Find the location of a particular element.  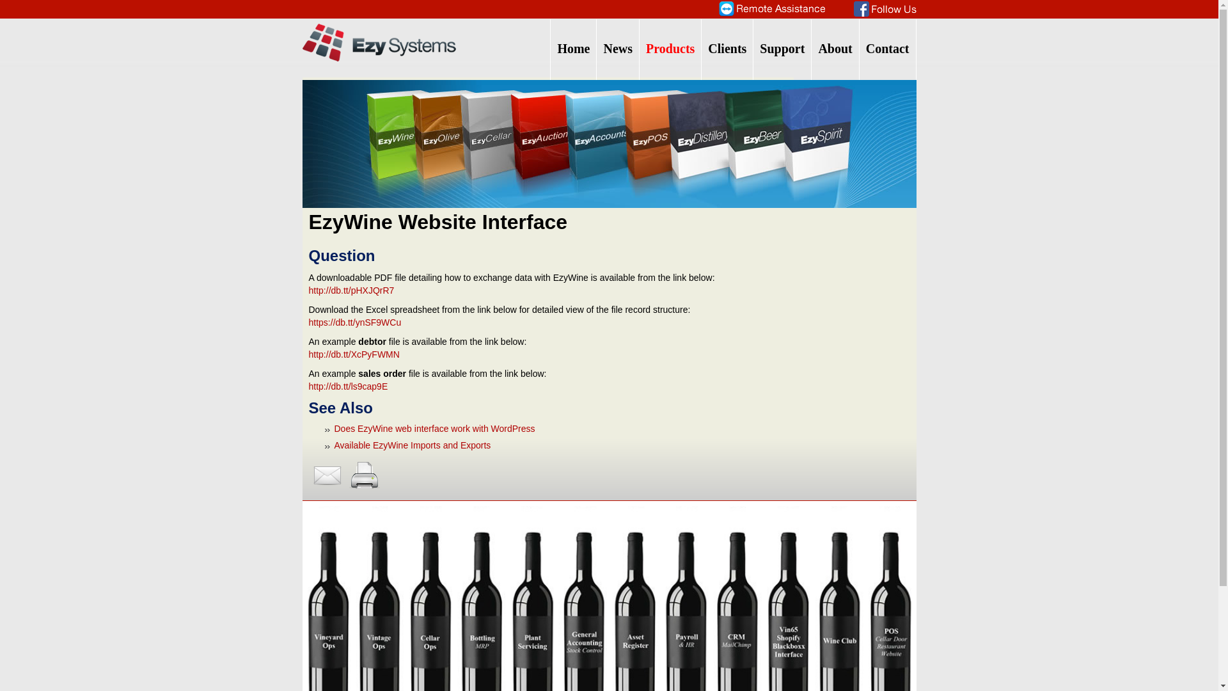

'Available EzyWine Imports and Exports' is located at coordinates (412, 444).